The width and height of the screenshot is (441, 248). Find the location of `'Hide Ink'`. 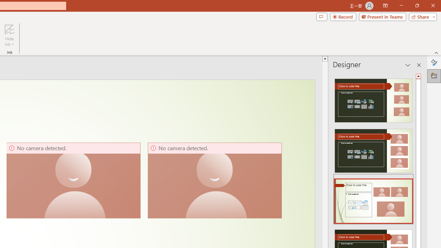

'Hide Ink' is located at coordinates (9, 35).